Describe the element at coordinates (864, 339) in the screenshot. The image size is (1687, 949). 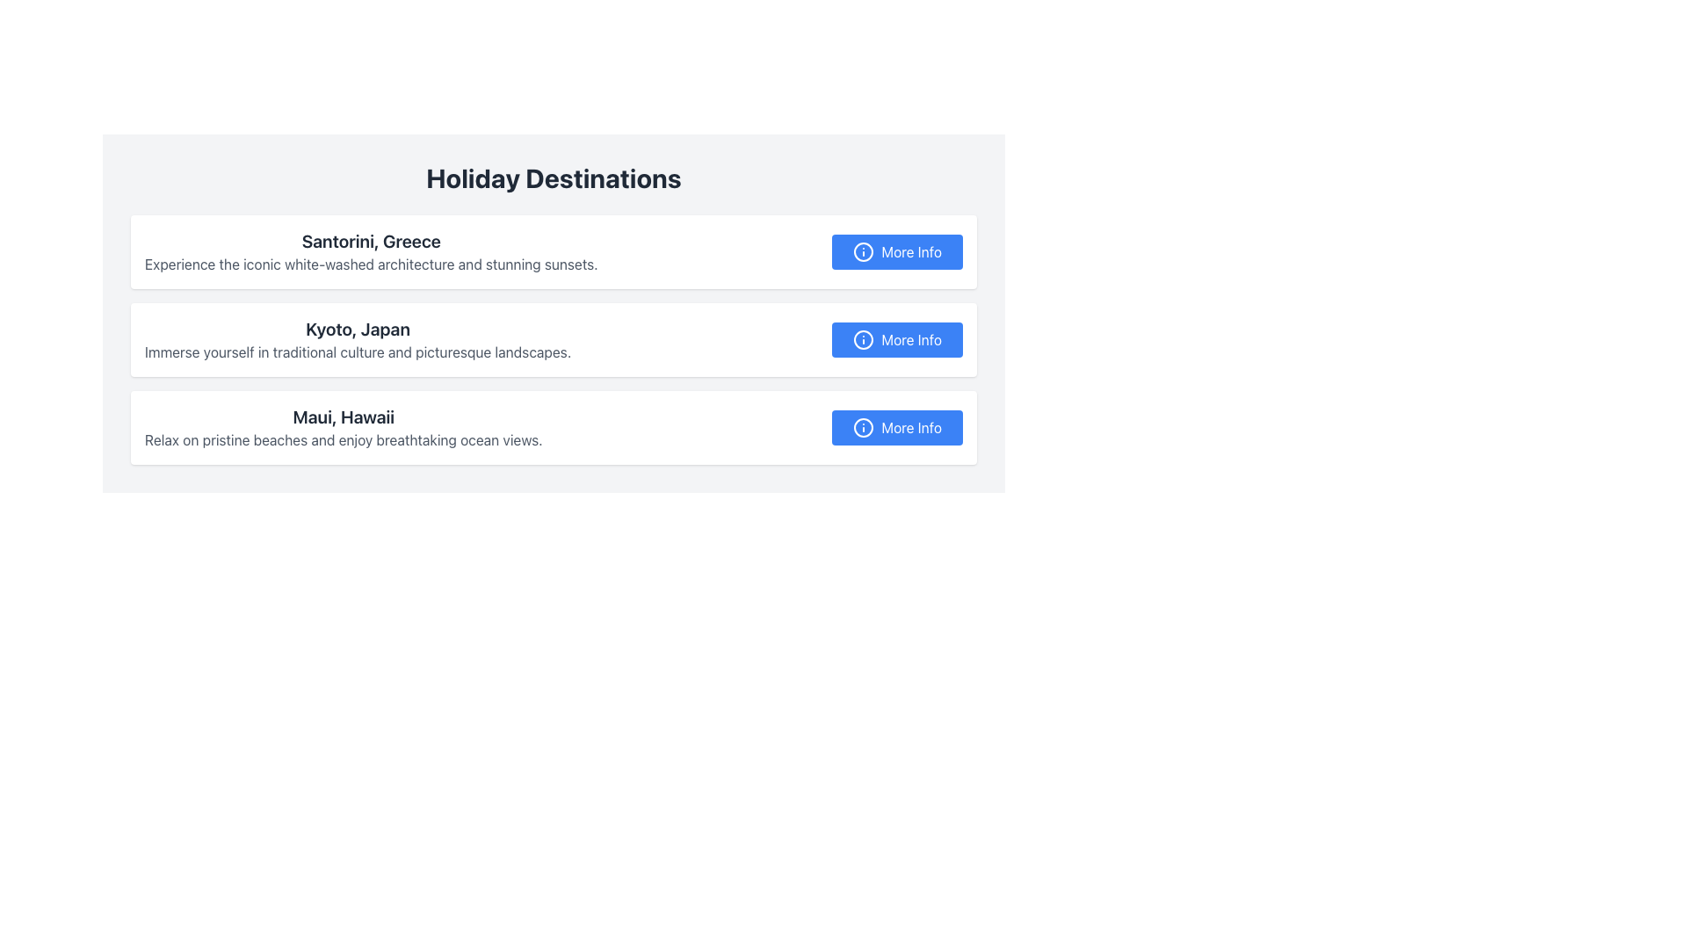
I see `the 'More Info' icon associated with the second destination option, 'Kyoto, Japan', which is represented by an SVG Circle with a visible line stroke` at that location.